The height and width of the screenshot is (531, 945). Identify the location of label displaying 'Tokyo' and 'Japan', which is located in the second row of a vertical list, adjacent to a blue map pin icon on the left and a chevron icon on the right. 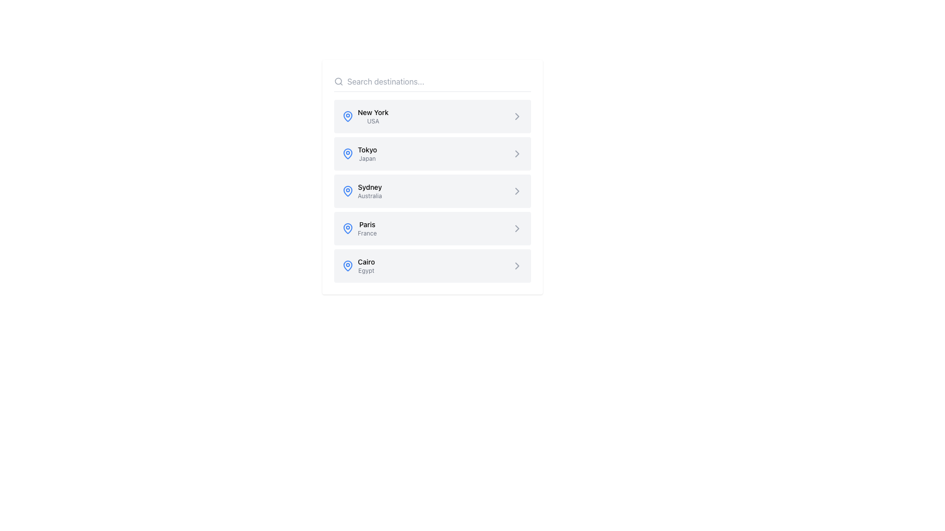
(367, 153).